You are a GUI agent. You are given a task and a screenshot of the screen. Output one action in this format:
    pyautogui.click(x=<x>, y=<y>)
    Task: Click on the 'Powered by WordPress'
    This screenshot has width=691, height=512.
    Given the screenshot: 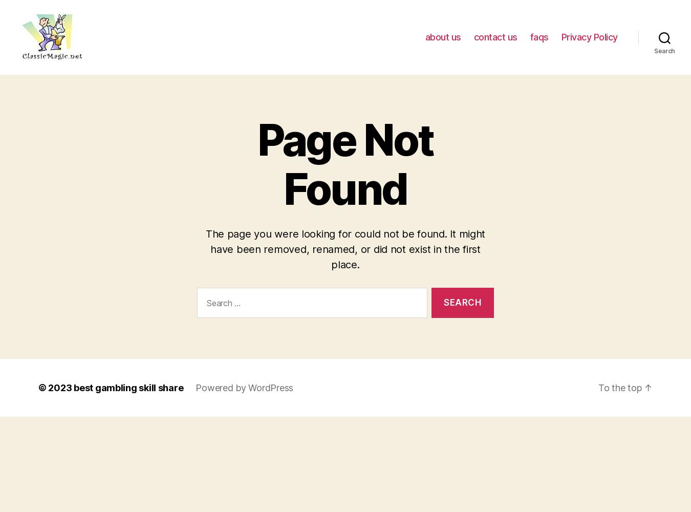 What is the action you would take?
    pyautogui.click(x=243, y=387)
    